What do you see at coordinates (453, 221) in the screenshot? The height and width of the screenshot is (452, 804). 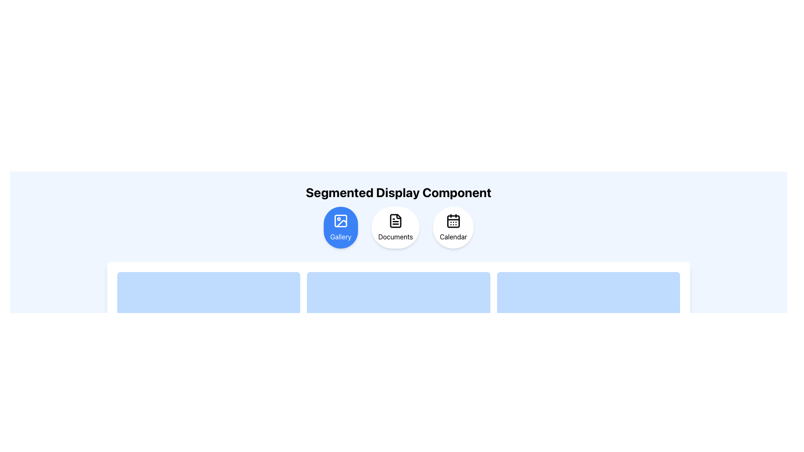 I see `the small rounded rectangle with a black outline that is part of the calendar icon within the 'Calendar' button located in the top-right corner of the interface` at bounding box center [453, 221].